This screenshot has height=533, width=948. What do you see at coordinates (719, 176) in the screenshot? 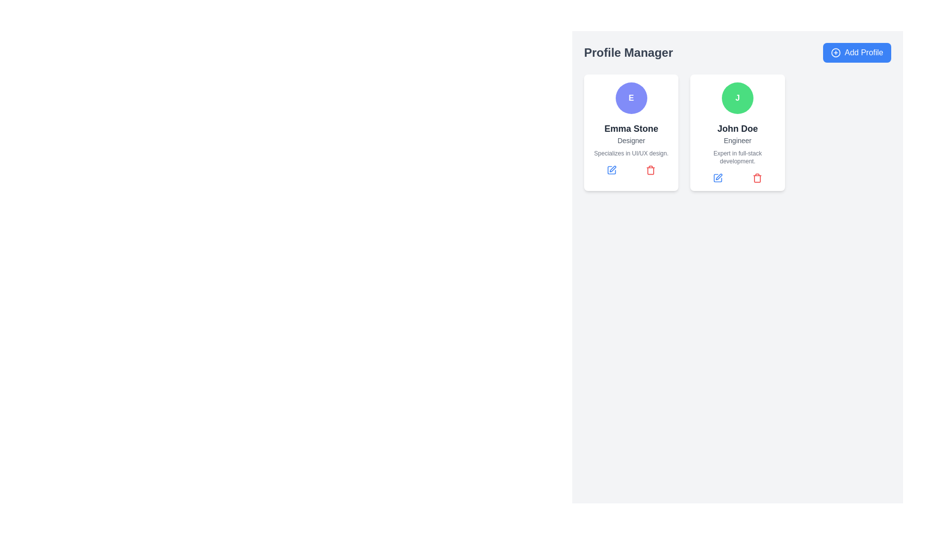
I see `the button located in the bottom left corner of the card for 'John Doe' to initiate the edit action` at bounding box center [719, 176].